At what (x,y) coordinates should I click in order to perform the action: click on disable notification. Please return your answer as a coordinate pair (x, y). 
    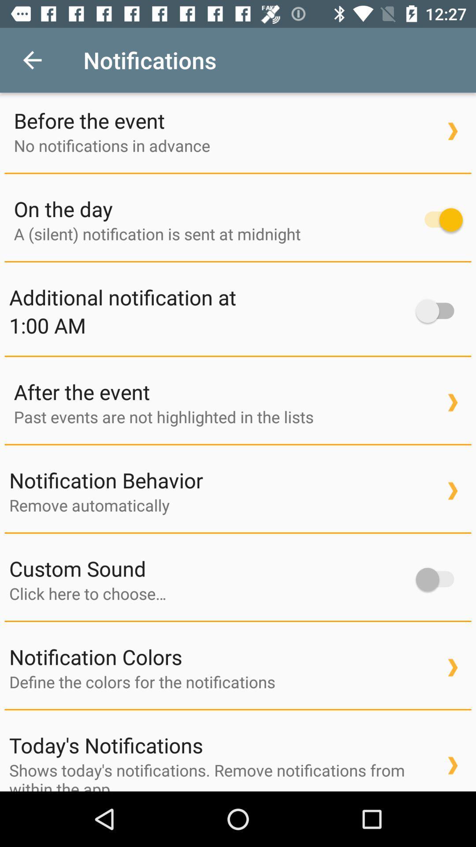
    Looking at the image, I should click on (439, 220).